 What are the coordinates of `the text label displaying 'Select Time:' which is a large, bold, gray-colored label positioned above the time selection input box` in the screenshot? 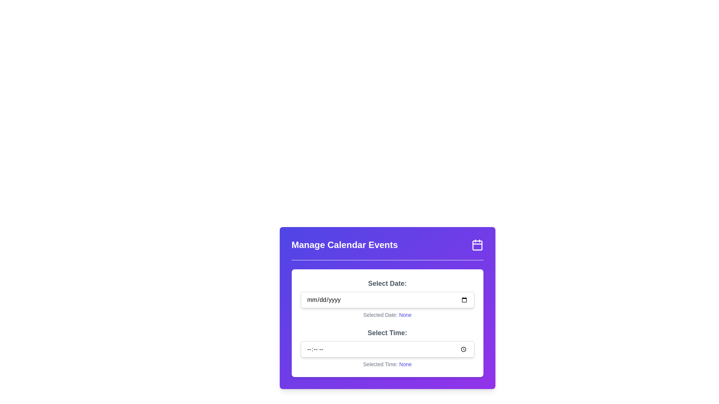 It's located at (387, 333).